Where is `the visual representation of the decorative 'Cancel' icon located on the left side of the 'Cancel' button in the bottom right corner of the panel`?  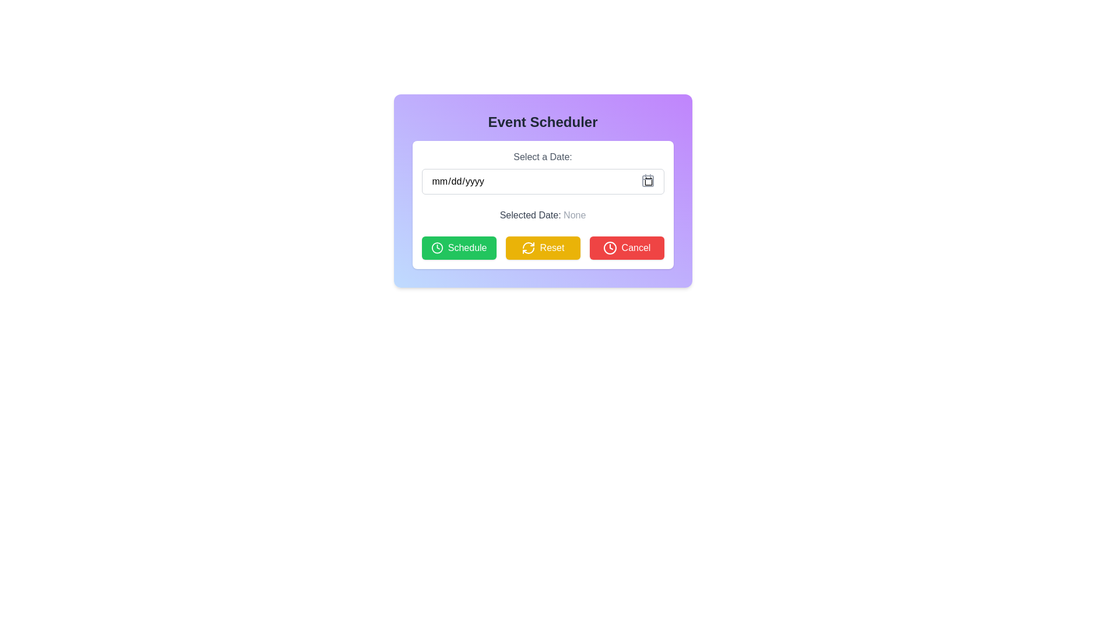 the visual representation of the decorative 'Cancel' icon located on the left side of the 'Cancel' button in the bottom right corner of the panel is located at coordinates (609, 247).